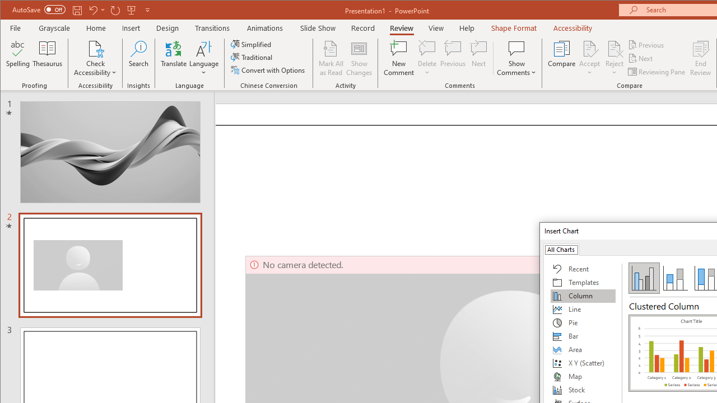 This screenshot has height=403, width=717. Describe the element at coordinates (641, 58) in the screenshot. I see `'Next'` at that location.